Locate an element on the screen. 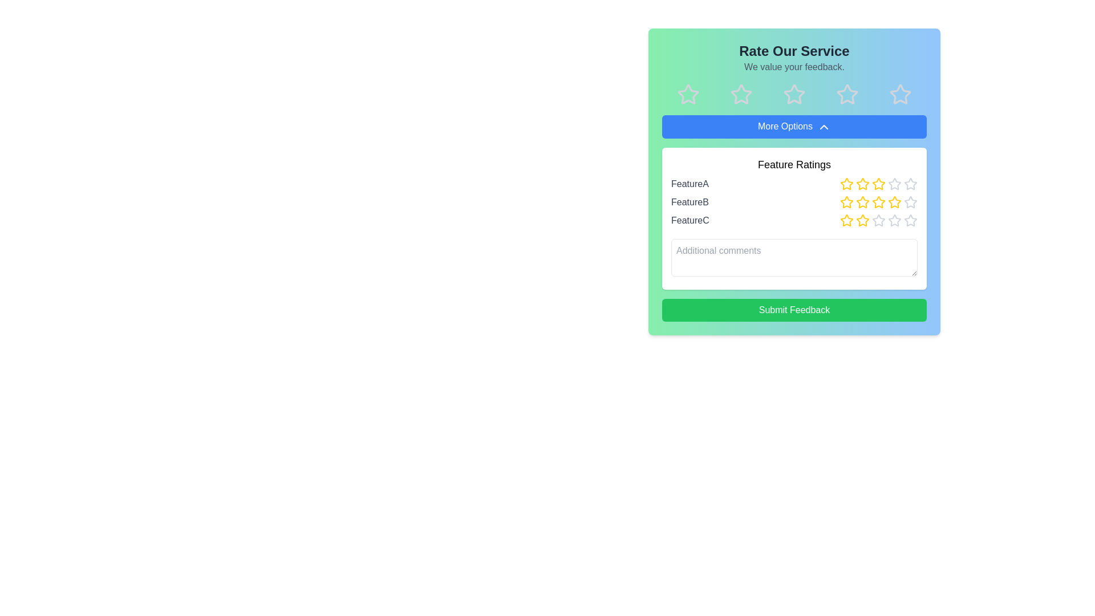 This screenshot has height=616, width=1095. the fourth yellow star icon in the rating system for 'FeatureA', located in the 'Feature Ratings' section is located at coordinates (878, 183).